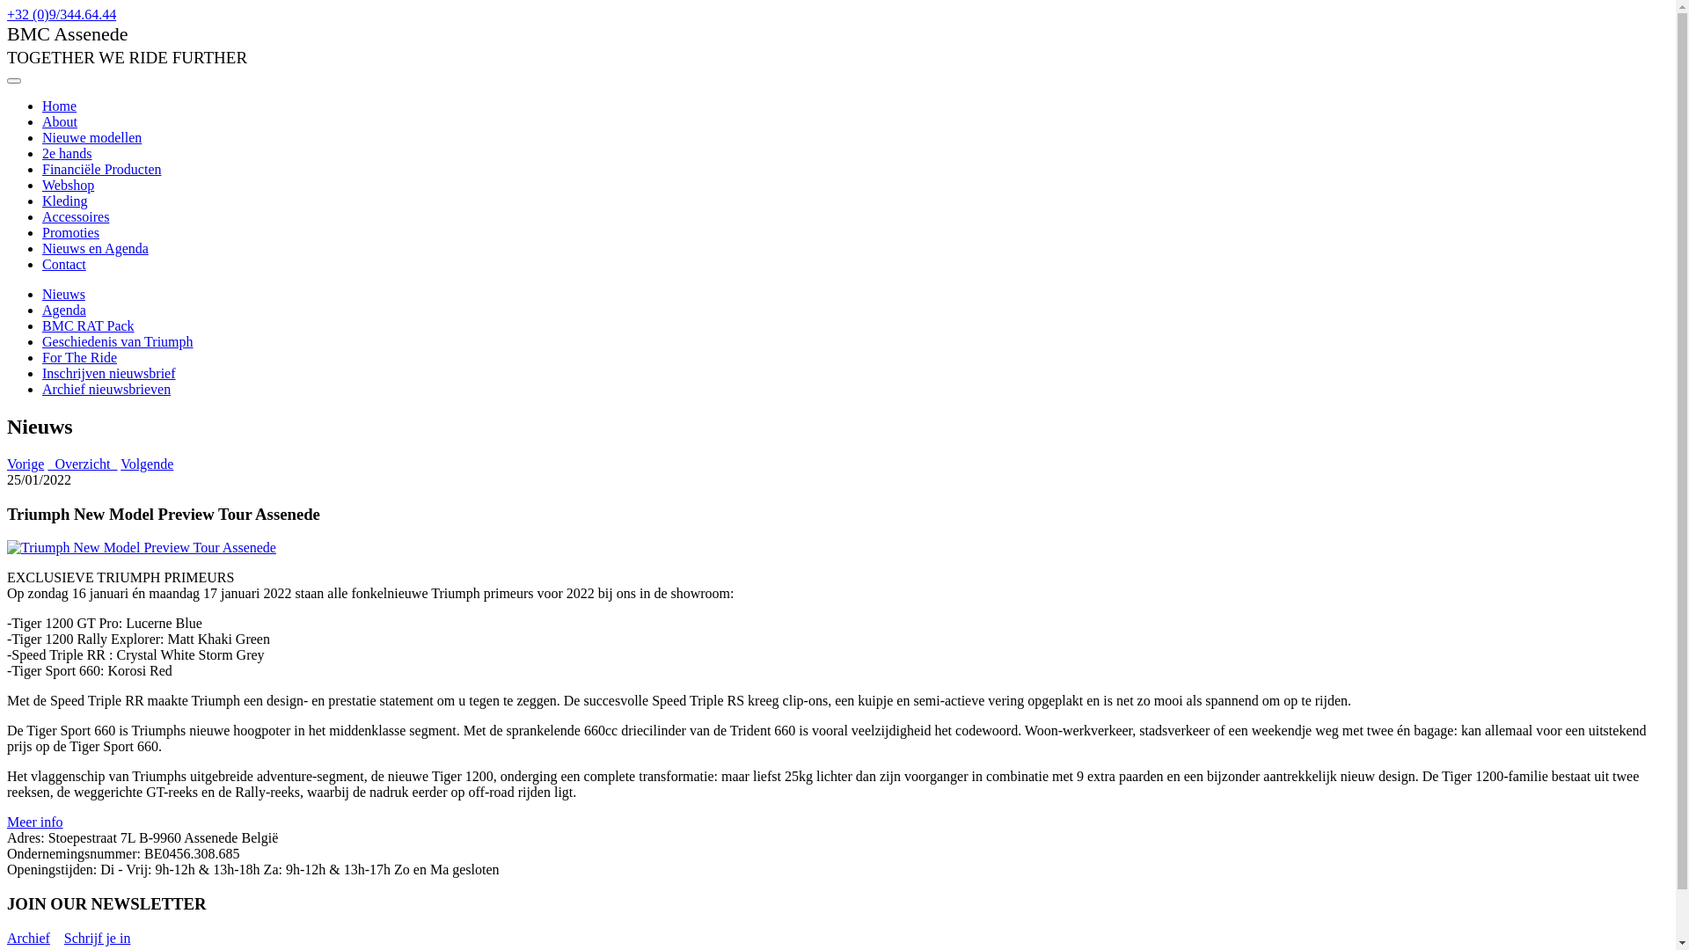 This screenshot has height=950, width=1689. Describe the element at coordinates (94, 248) in the screenshot. I see `'Nieuws en Agenda'` at that location.